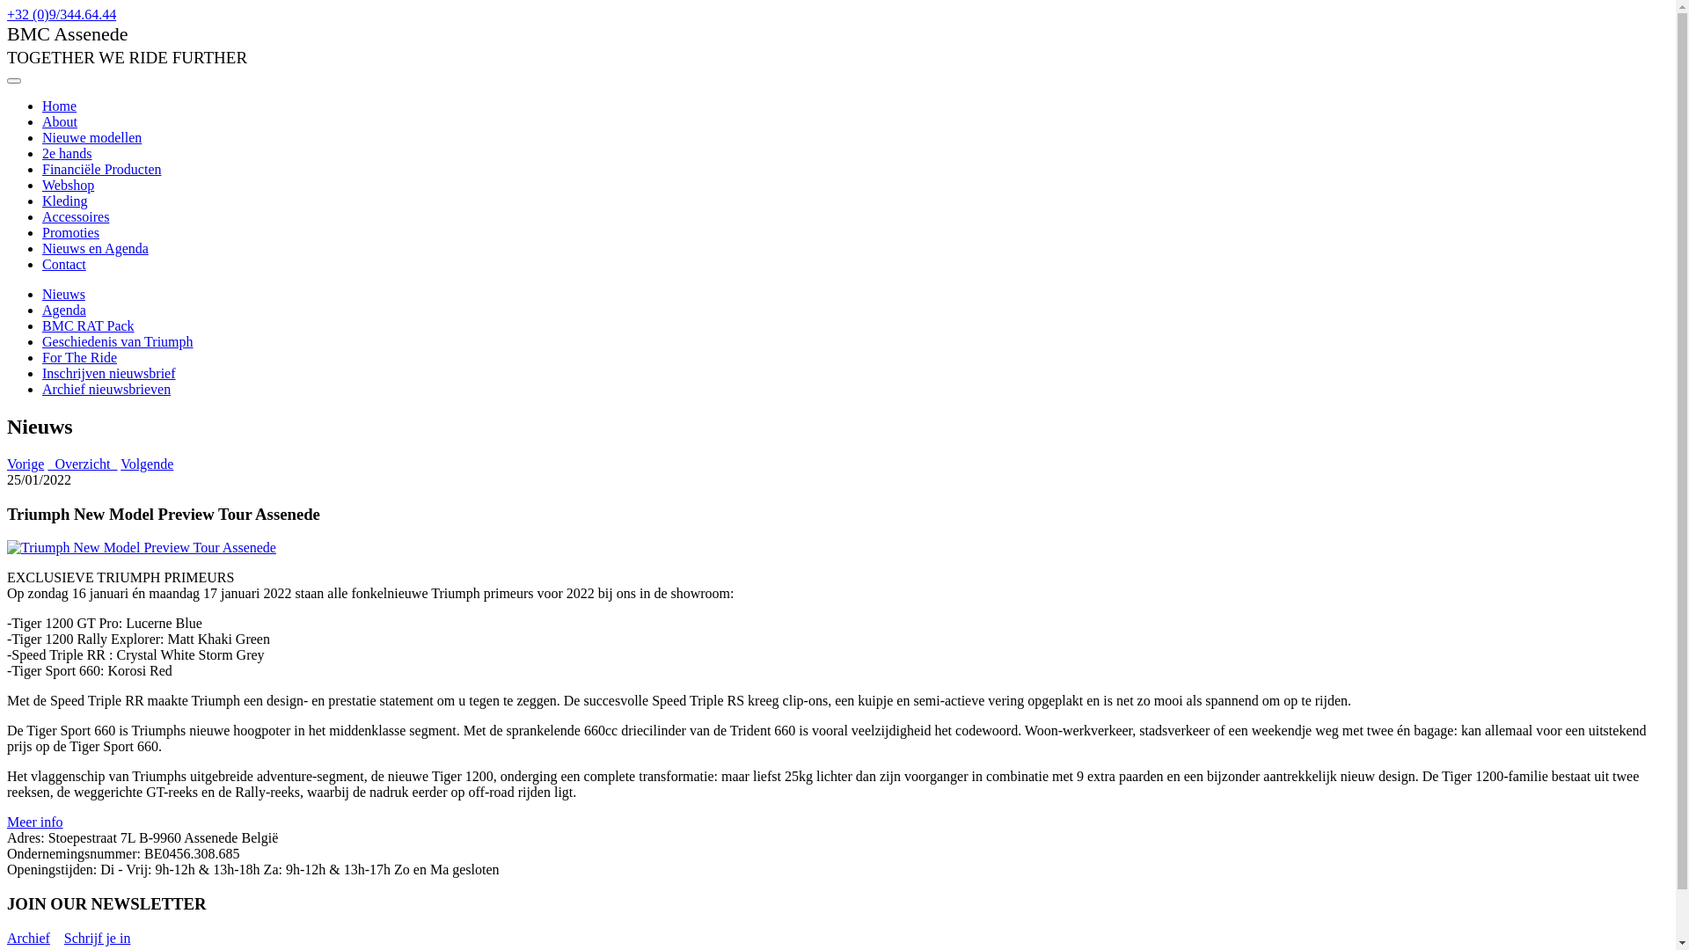 This screenshot has height=950, width=1689. Describe the element at coordinates (94, 248) in the screenshot. I see `'Nieuws en Agenda'` at that location.